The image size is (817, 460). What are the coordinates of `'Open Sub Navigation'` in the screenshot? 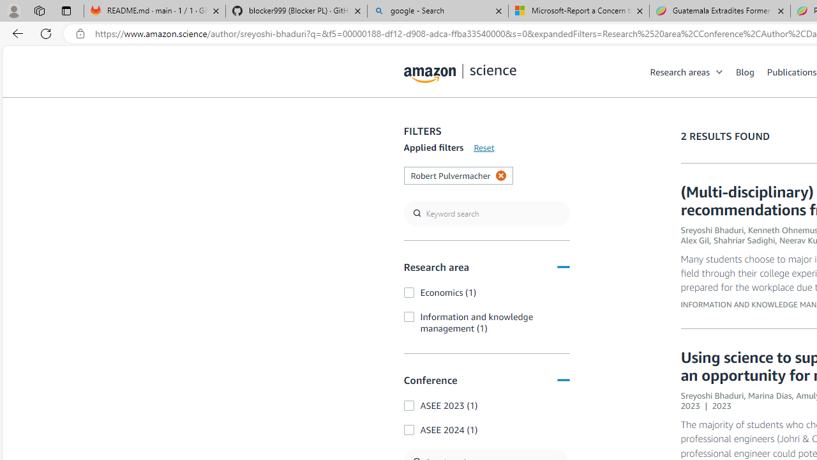 It's located at (720, 71).